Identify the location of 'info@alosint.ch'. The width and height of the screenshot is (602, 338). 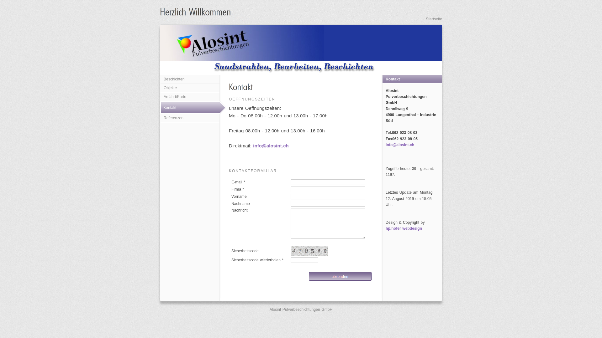
(253, 146).